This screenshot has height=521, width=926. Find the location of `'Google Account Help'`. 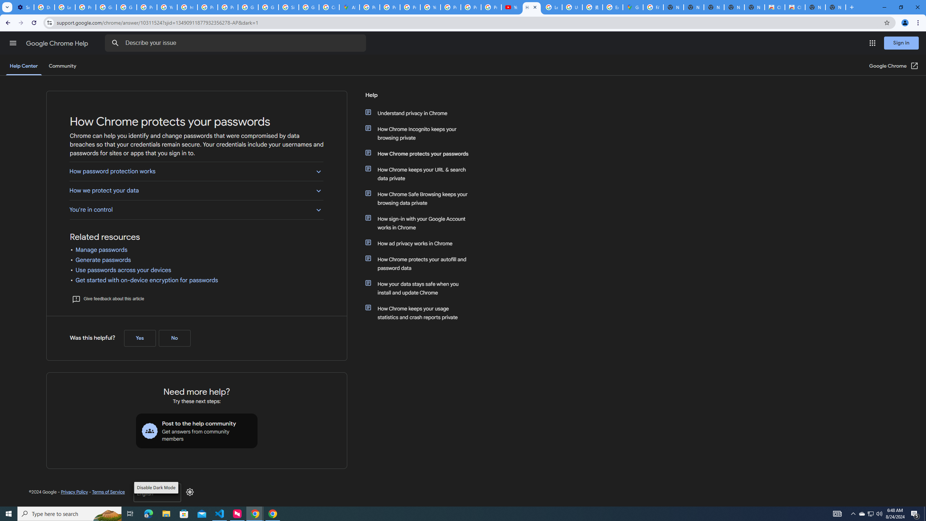

'Google Account Help' is located at coordinates (126, 7).